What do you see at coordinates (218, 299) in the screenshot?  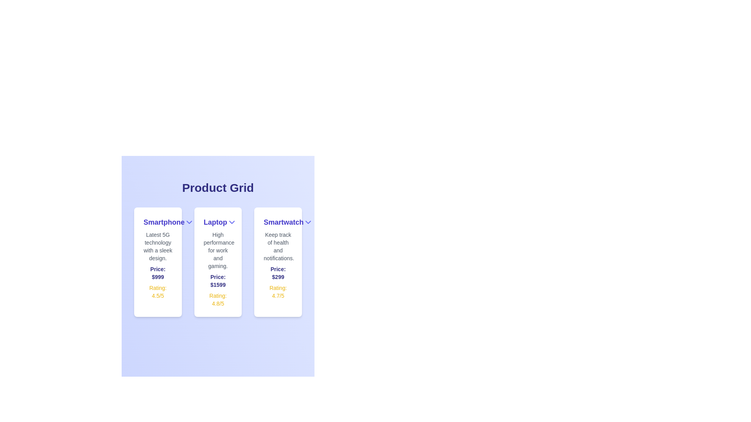 I see `text element displaying 'Rating: 4.8/5' located in the bottom section of the 'Laptop' card in the product grid interface` at bounding box center [218, 299].